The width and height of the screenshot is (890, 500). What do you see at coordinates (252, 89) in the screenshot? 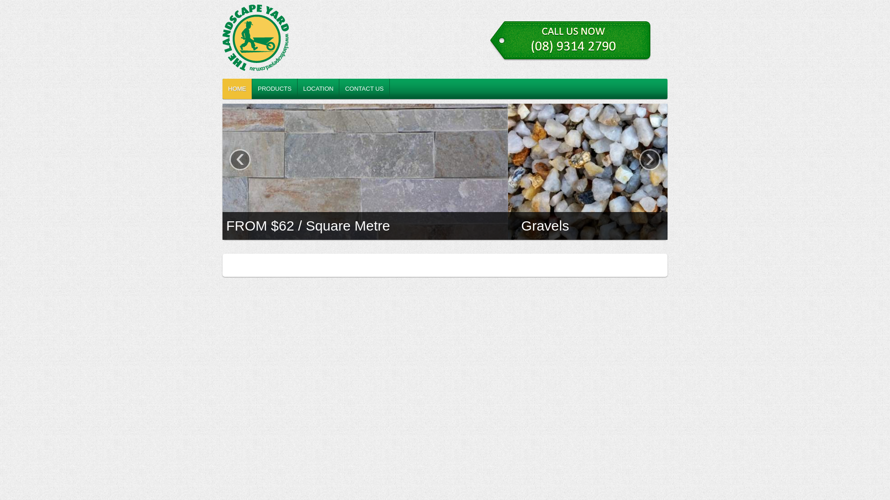
I see `'PRODUCTS'` at bounding box center [252, 89].